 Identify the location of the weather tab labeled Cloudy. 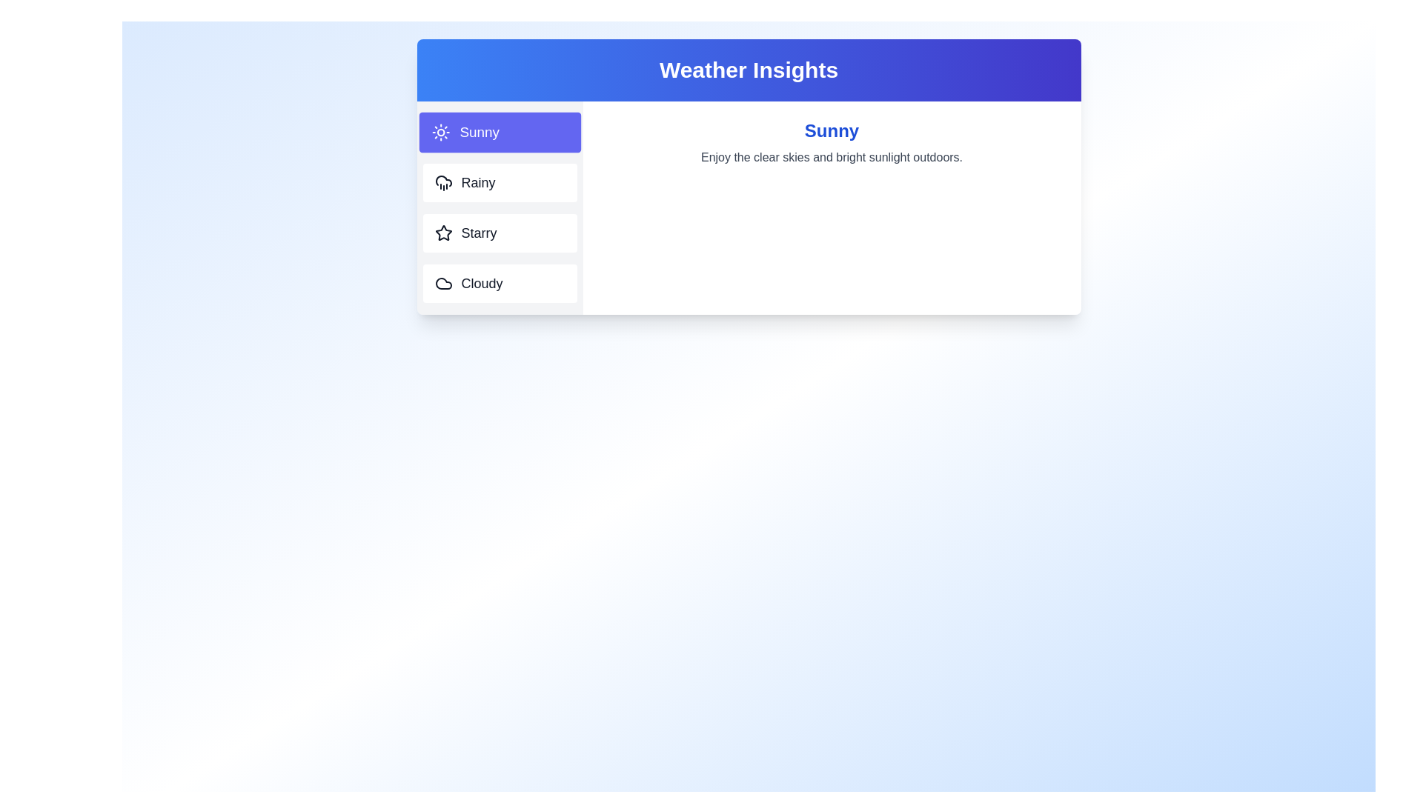
(500, 283).